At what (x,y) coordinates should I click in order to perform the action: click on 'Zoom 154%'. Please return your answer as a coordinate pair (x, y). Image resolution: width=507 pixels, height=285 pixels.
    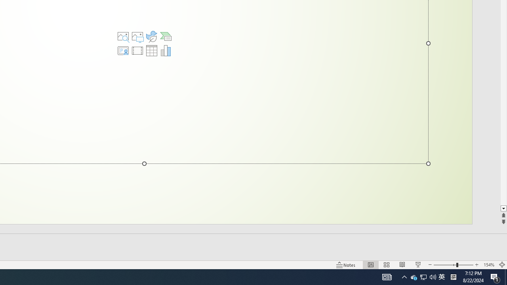
    Looking at the image, I should click on (488, 265).